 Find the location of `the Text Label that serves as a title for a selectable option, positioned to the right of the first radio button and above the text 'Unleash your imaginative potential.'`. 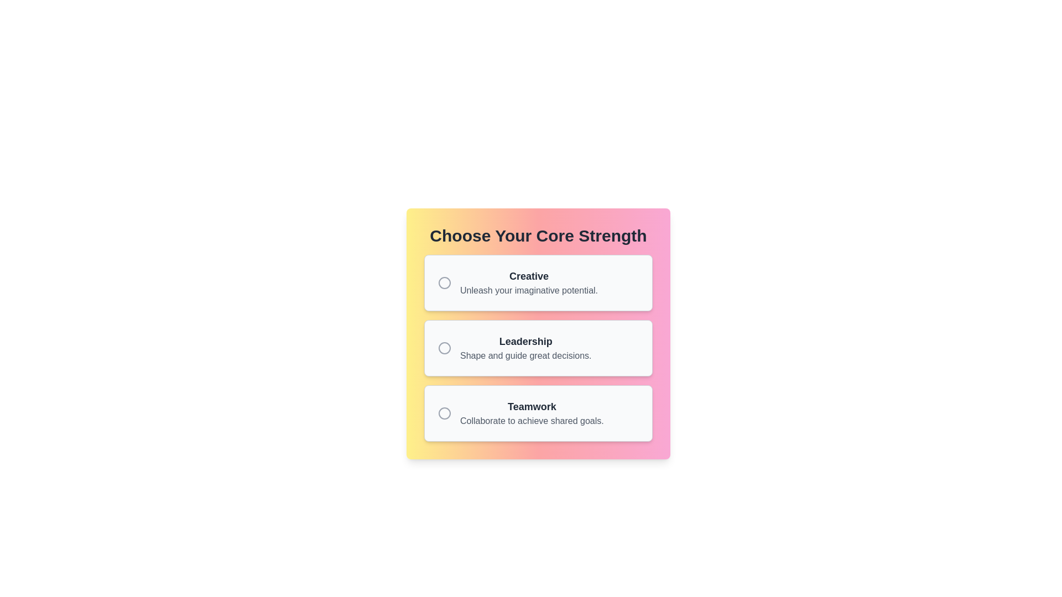

the Text Label that serves as a title for a selectable option, positioned to the right of the first radio button and above the text 'Unleash your imaginative potential.' is located at coordinates (528, 276).